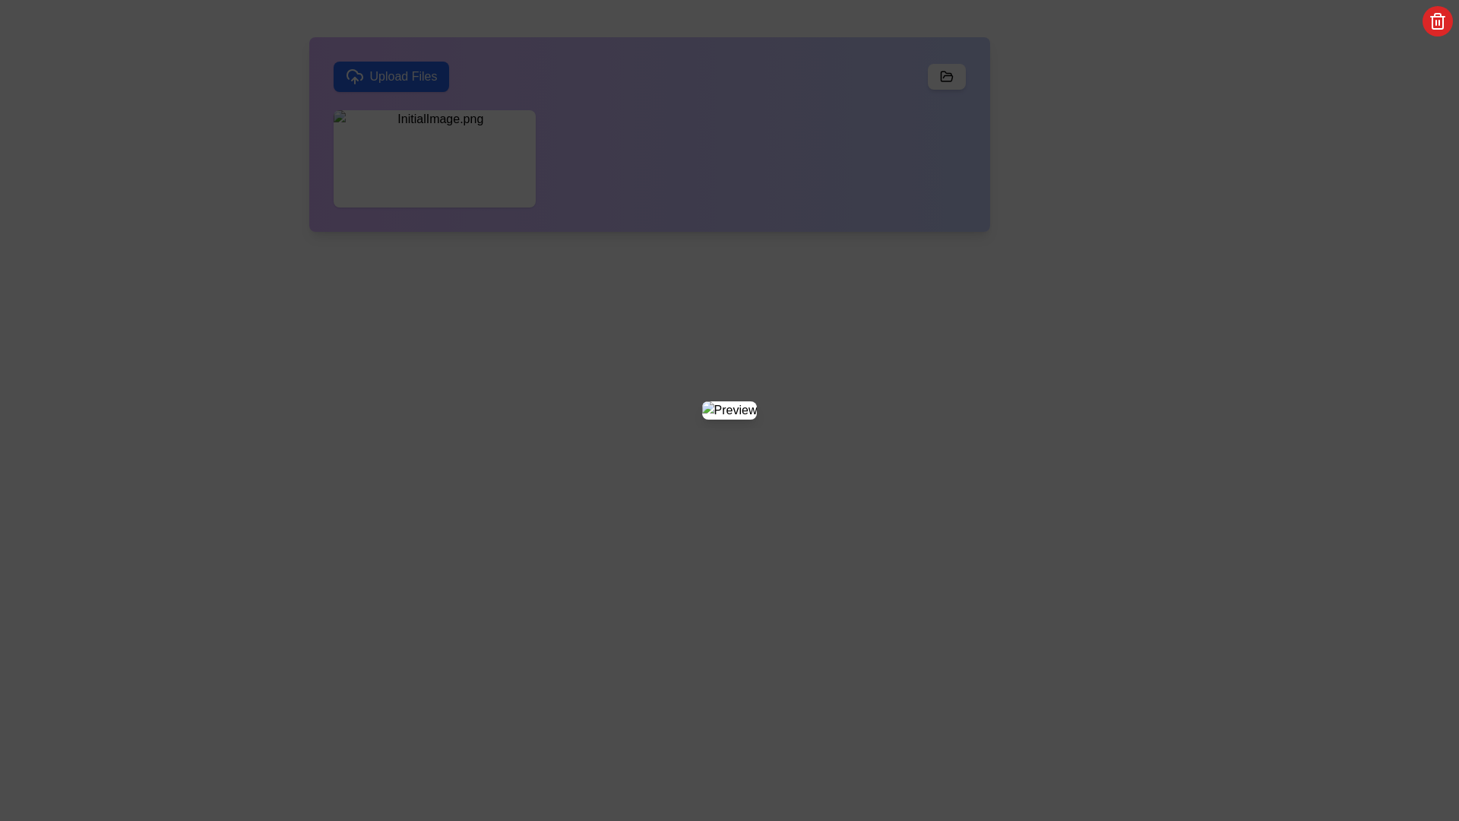 The height and width of the screenshot is (821, 1459). I want to click on the button with a white background and an opened folder icon in the 'Upload Files' header section to activate the hover effect, so click(945, 76).